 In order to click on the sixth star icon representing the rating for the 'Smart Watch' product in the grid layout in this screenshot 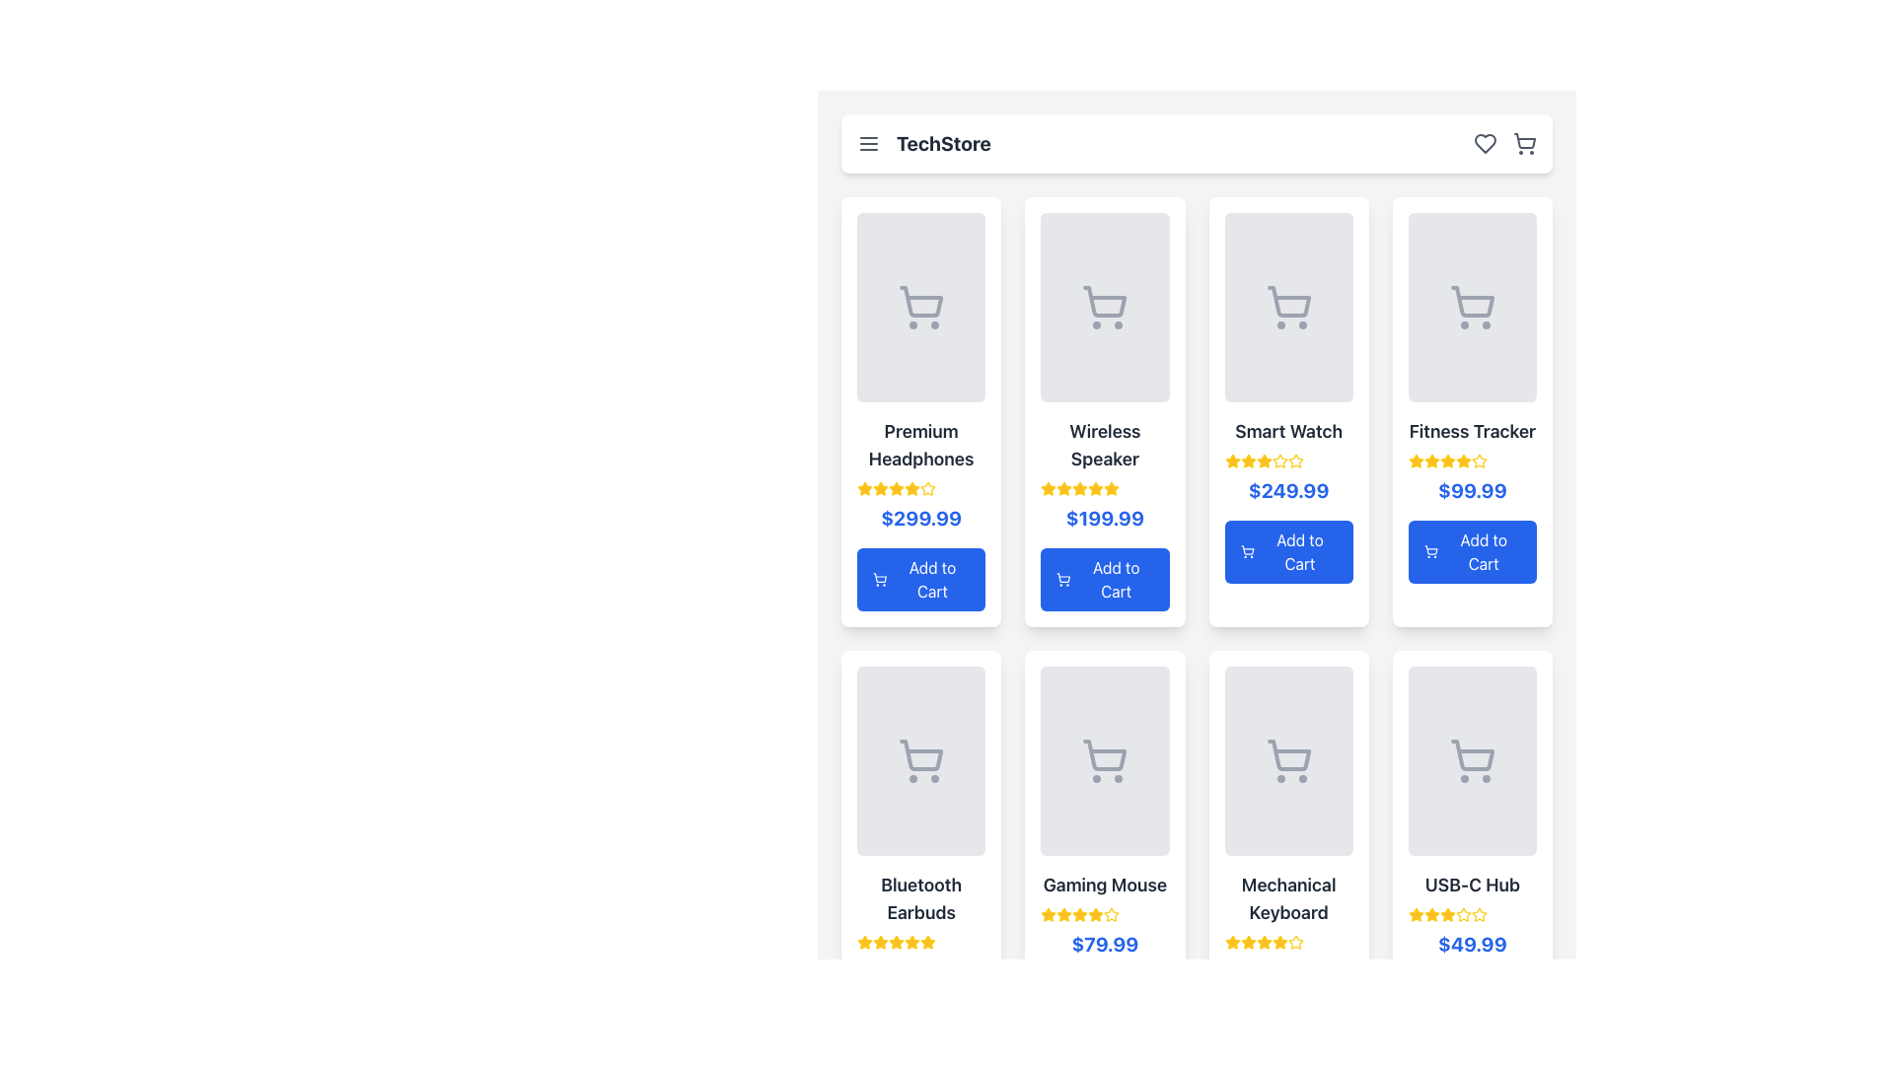, I will do `click(1279, 461)`.